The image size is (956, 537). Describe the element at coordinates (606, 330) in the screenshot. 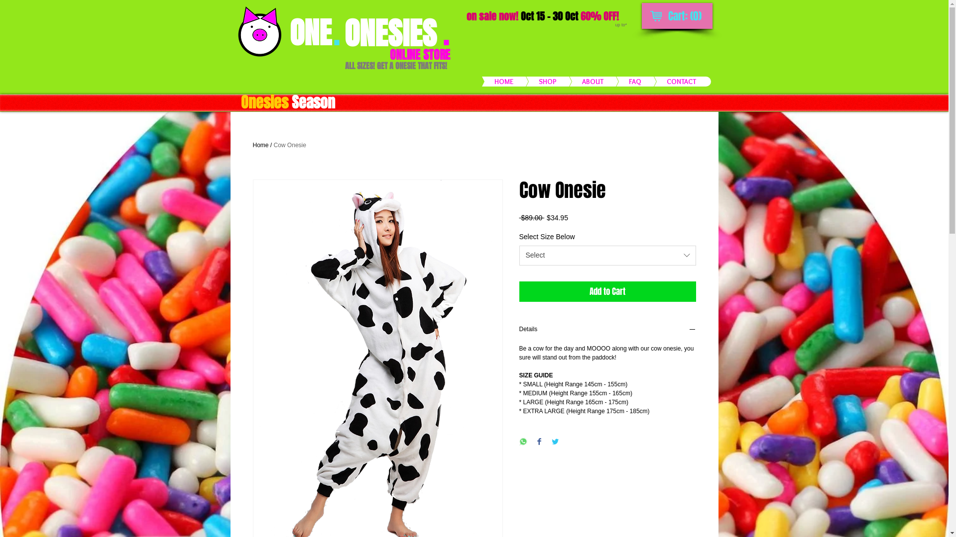

I see `'Details'` at that location.